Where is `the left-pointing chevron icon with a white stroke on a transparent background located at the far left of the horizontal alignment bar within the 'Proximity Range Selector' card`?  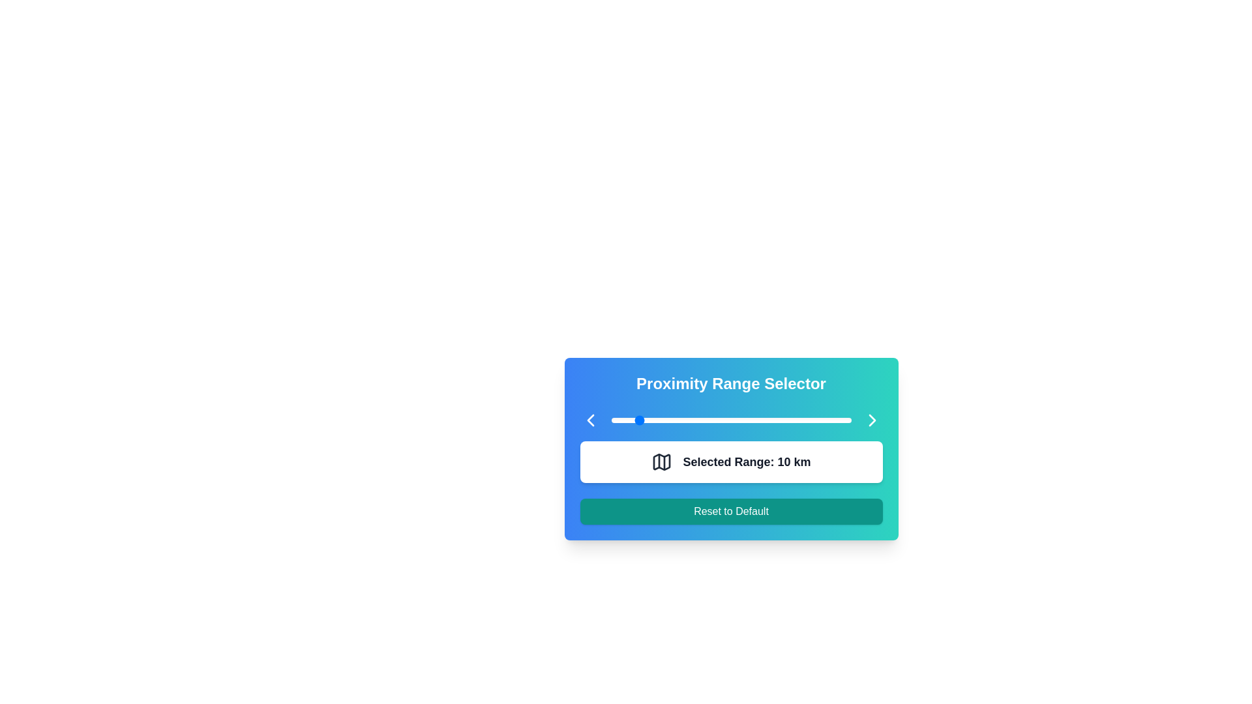 the left-pointing chevron icon with a white stroke on a transparent background located at the far left of the horizontal alignment bar within the 'Proximity Range Selector' card is located at coordinates (589, 420).